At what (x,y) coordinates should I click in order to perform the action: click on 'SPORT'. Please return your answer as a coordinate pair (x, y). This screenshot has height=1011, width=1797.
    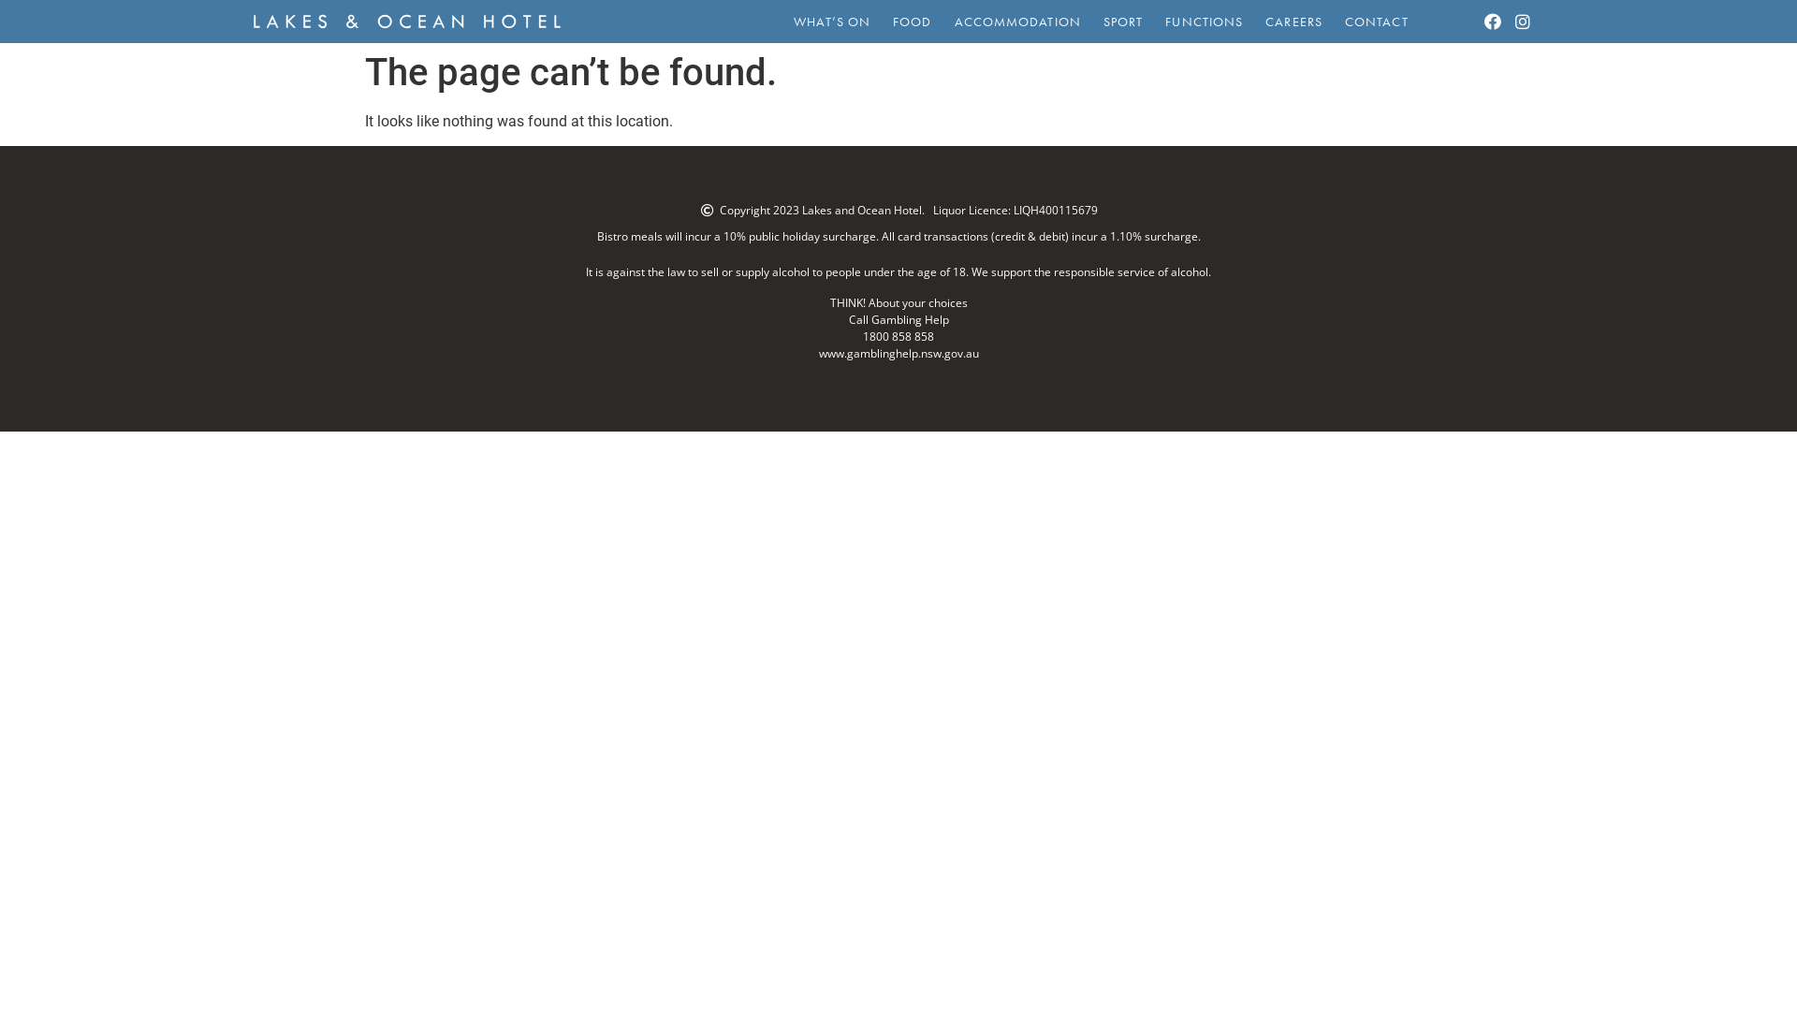
    Looking at the image, I should click on (1091, 22).